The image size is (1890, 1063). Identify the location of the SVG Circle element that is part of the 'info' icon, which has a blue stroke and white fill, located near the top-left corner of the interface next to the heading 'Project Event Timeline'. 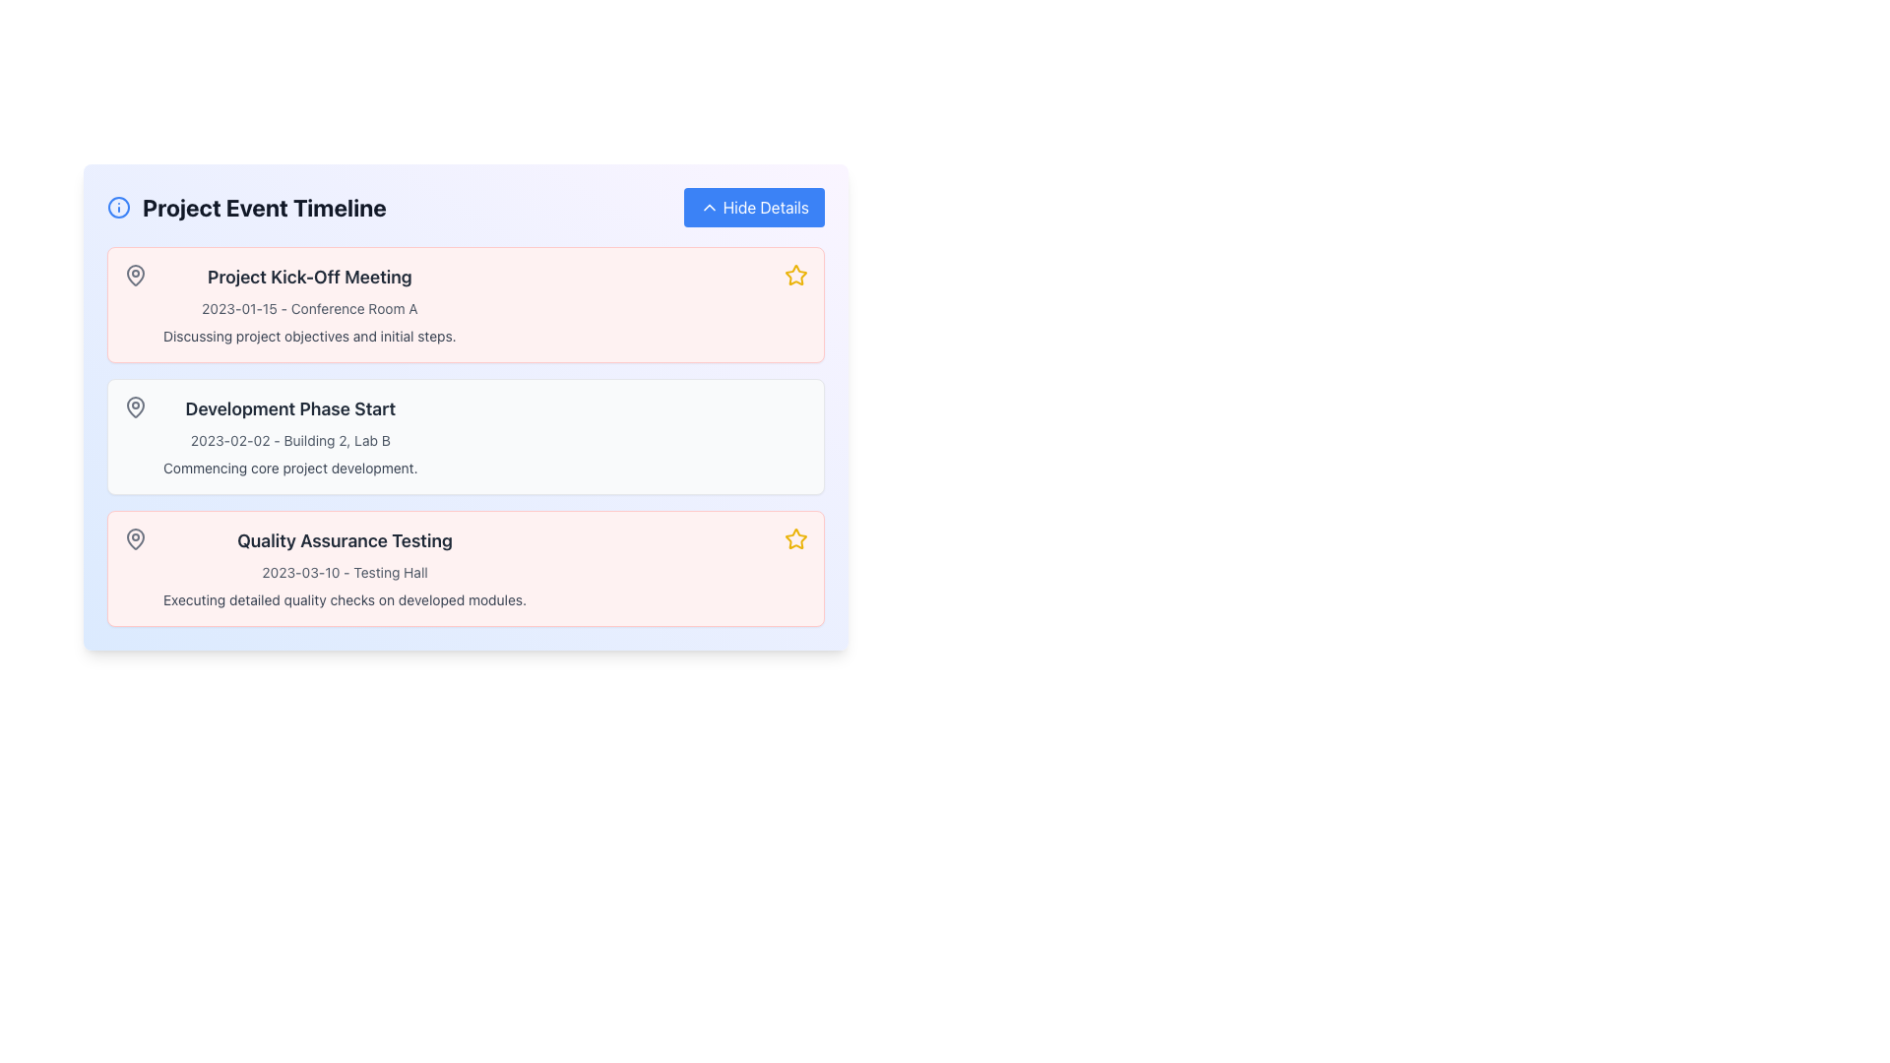
(117, 208).